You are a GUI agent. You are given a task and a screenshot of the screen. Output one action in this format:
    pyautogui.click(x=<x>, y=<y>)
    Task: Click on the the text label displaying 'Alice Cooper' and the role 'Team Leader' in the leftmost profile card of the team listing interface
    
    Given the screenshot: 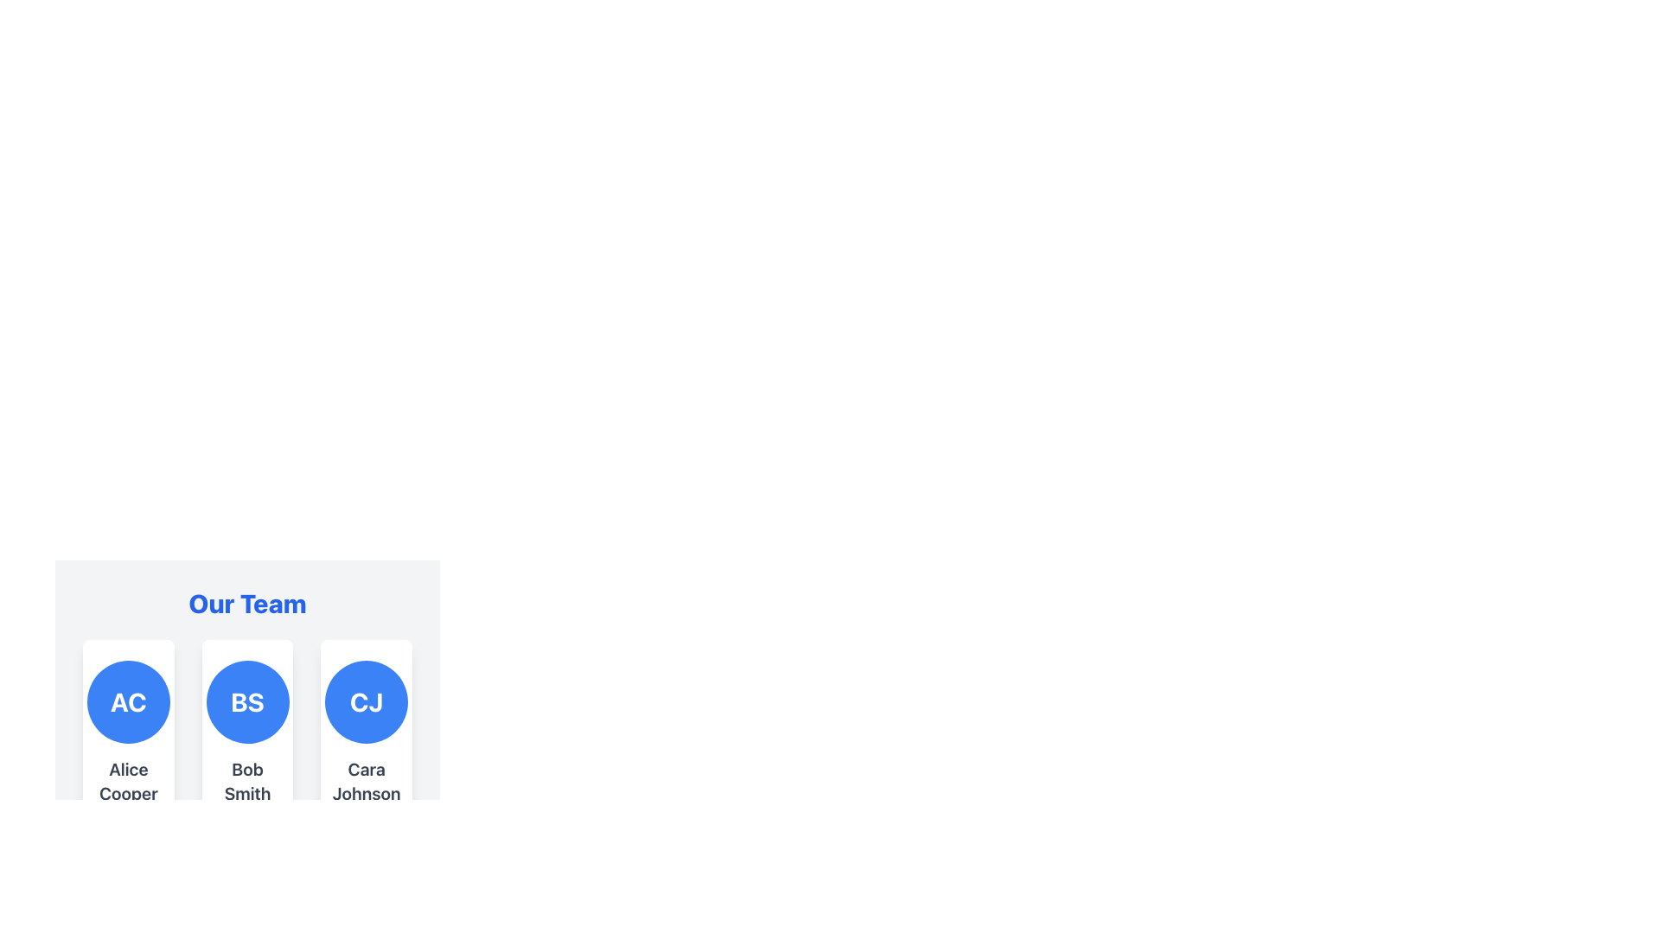 What is the action you would take?
    pyautogui.click(x=127, y=803)
    